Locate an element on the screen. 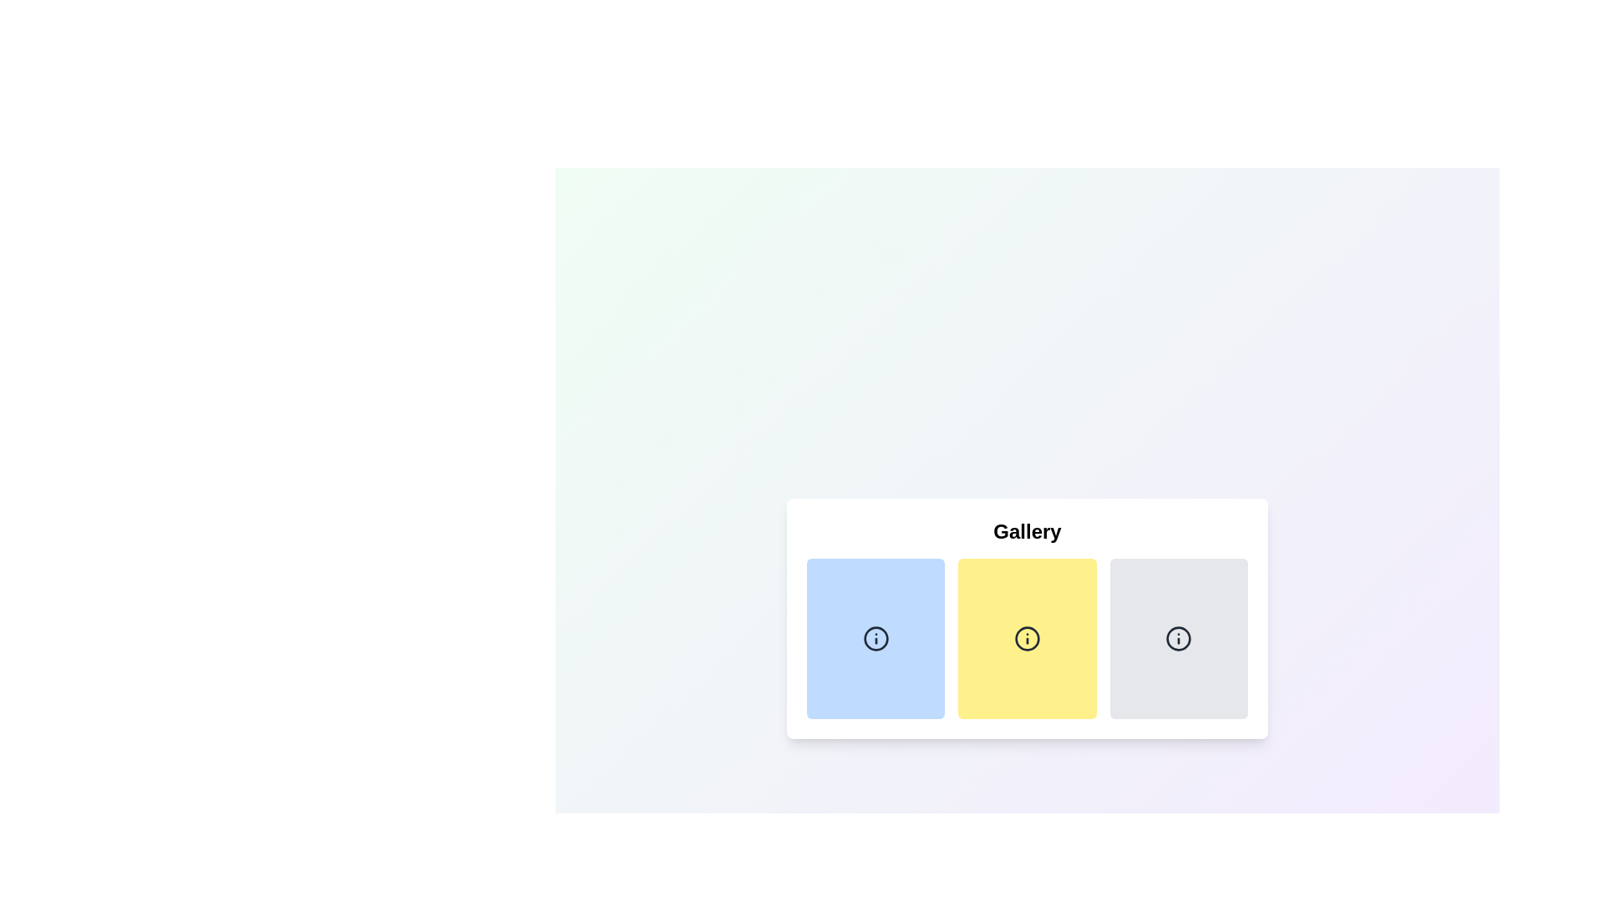  the information icon, which is a circular icon with a lowercase 'i' in gray, located in the third box of a horizontally aligned triplet is located at coordinates (1178, 638).